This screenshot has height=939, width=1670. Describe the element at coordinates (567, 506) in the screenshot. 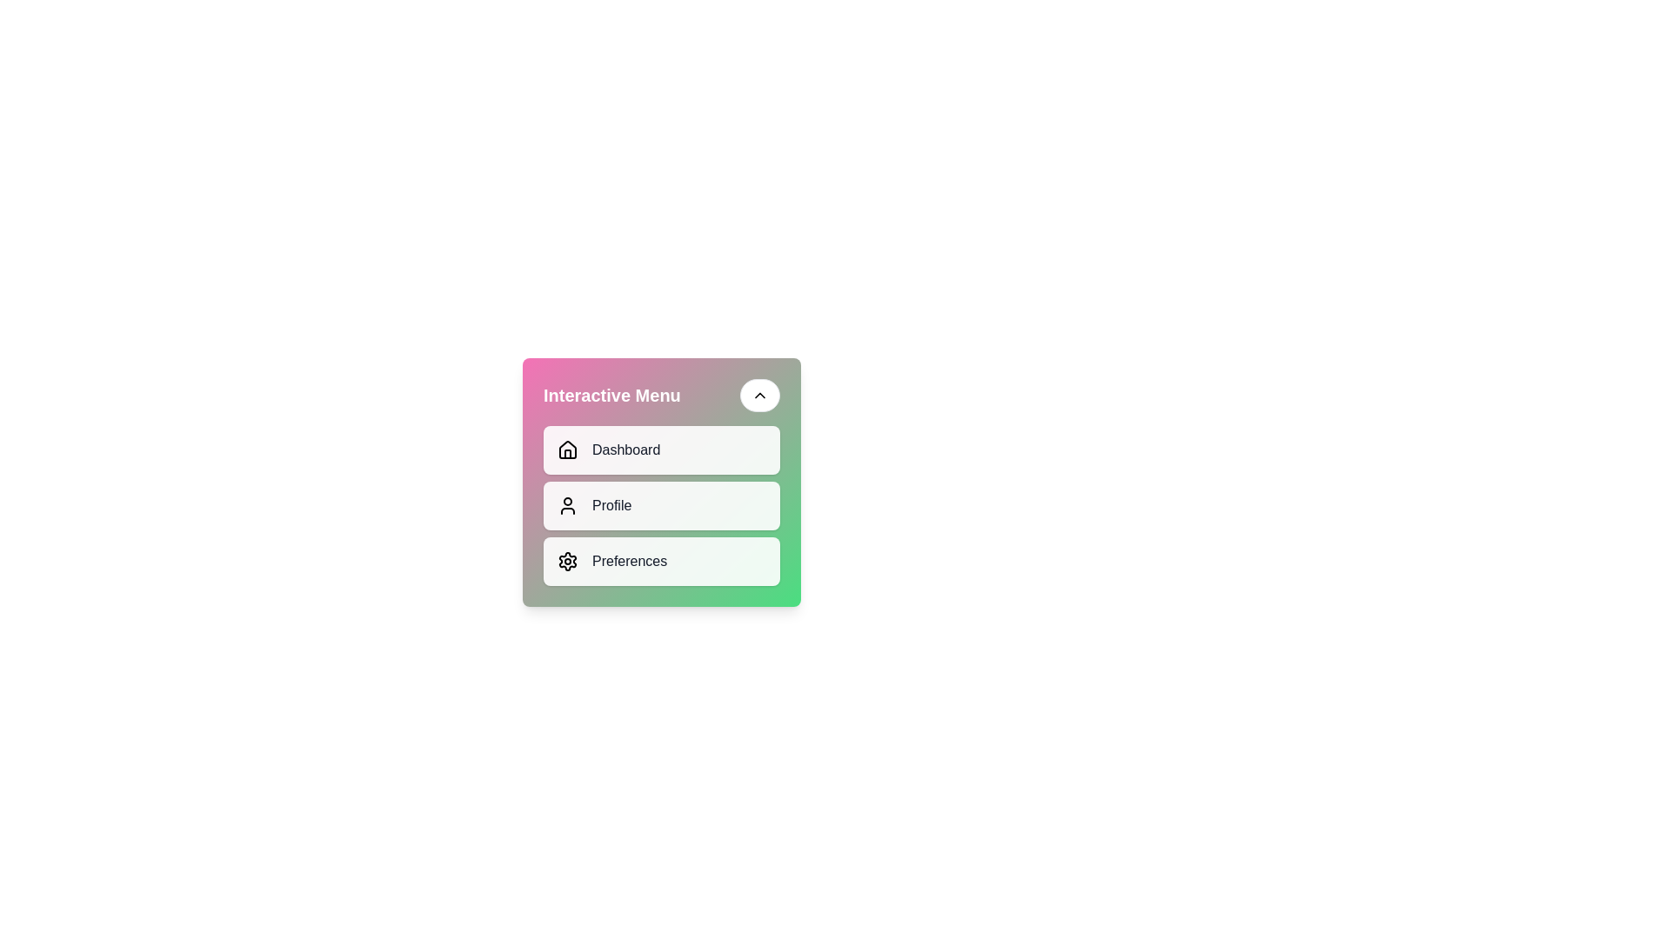

I see `the 'Profile' menu item icon, which is the graphical indicator located next to the text label 'Profile' in the vertical menu` at that location.